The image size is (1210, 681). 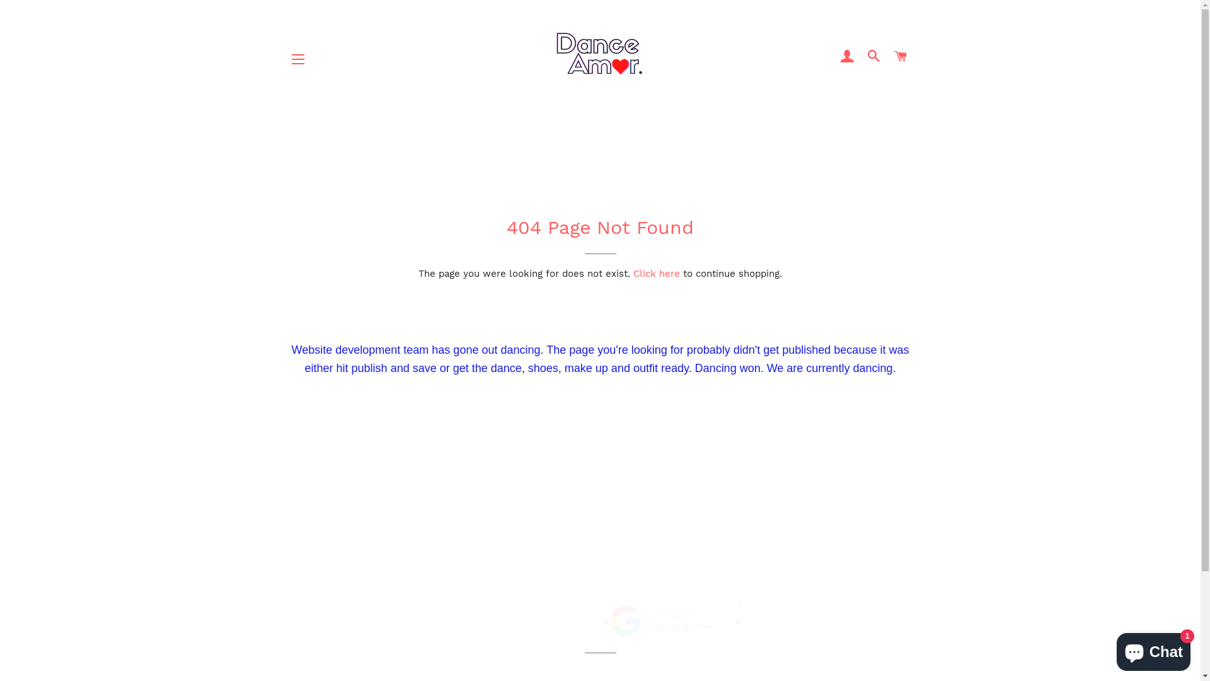 What do you see at coordinates (873, 55) in the screenshot?
I see `'SEARCH'` at bounding box center [873, 55].